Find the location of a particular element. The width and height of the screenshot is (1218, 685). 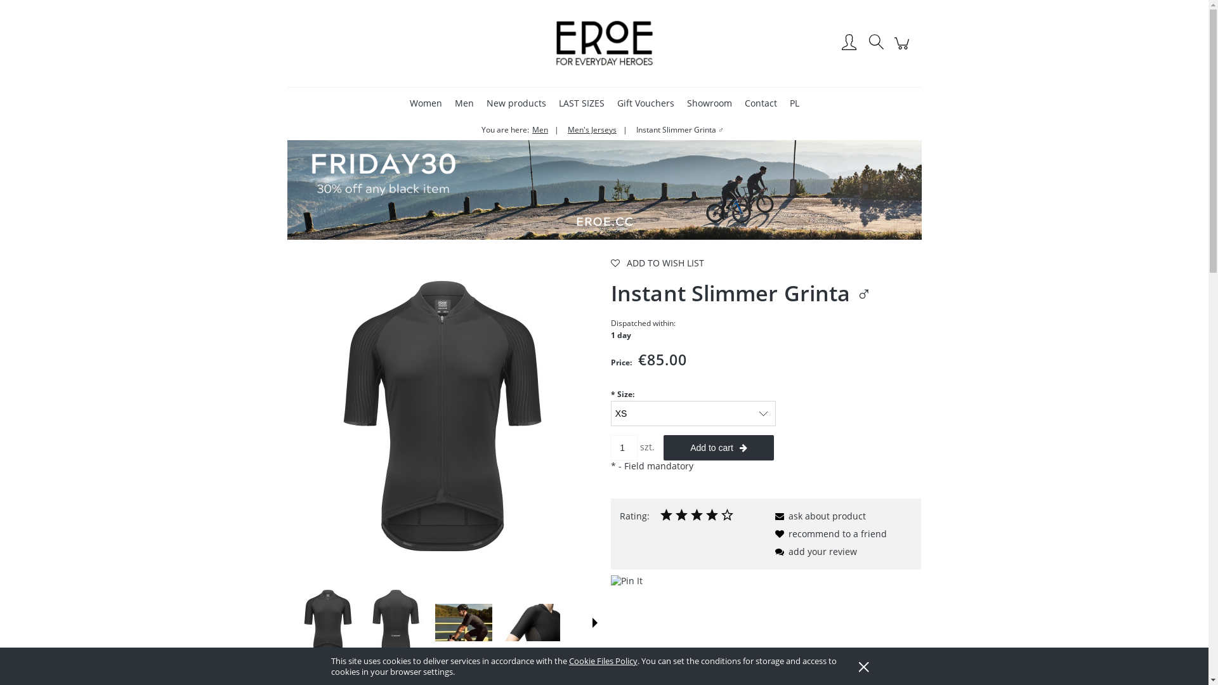

'PL' is located at coordinates (793, 102).